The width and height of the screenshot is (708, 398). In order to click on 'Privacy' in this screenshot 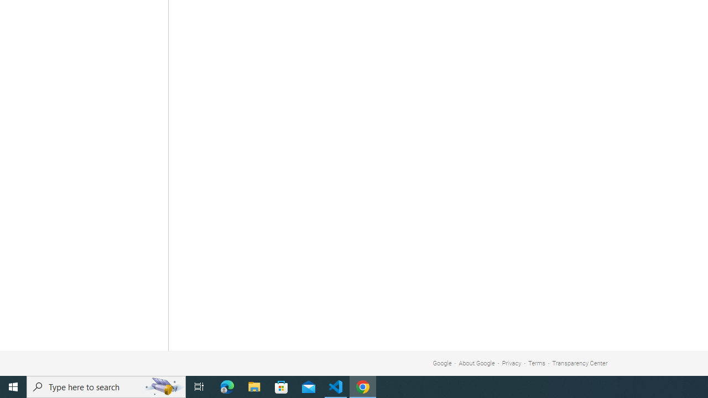, I will do `click(511, 363)`.